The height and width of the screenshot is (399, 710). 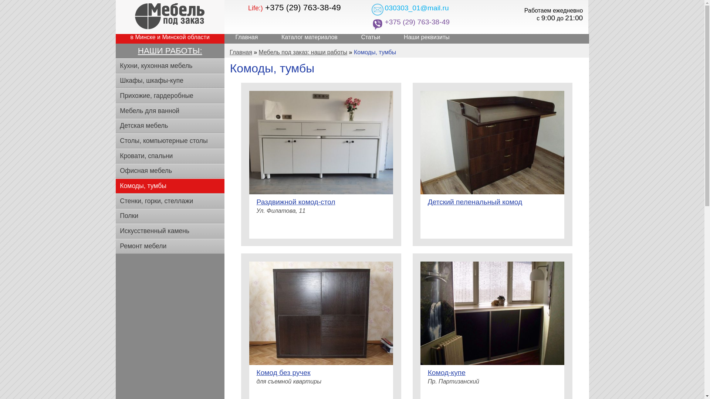 What do you see at coordinates (425, 21) in the screenshot?
I see `'+375 (29) 763-38-49'` at bounding box center [425, 21].